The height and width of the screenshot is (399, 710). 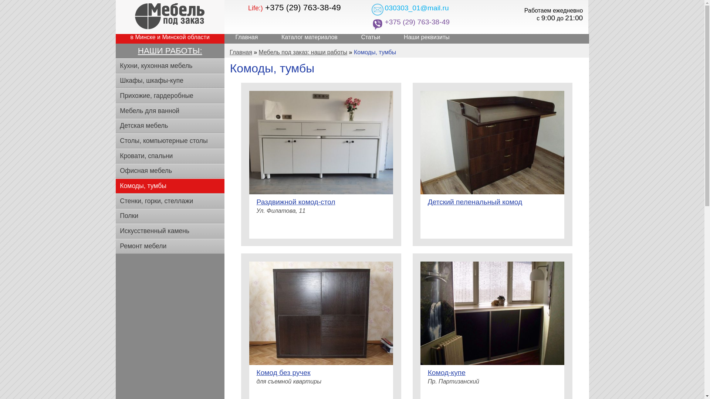 What do you see at coordinates (425, 21) in the screenshot?
I see `'+375 (29) 763-38-49'` at bounding box center [425, 21].